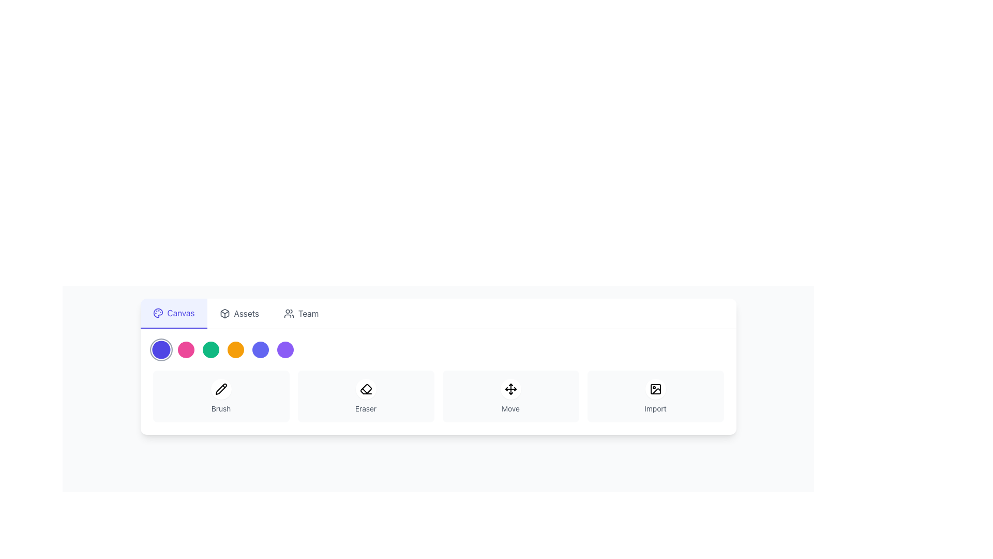 The image size is (993, 559). I want to click on the 'Assets' navigation tab button, which is the second tab in the horizontal navigation bar, featuring a geometric box icon and gray text color, so click(238, 313).